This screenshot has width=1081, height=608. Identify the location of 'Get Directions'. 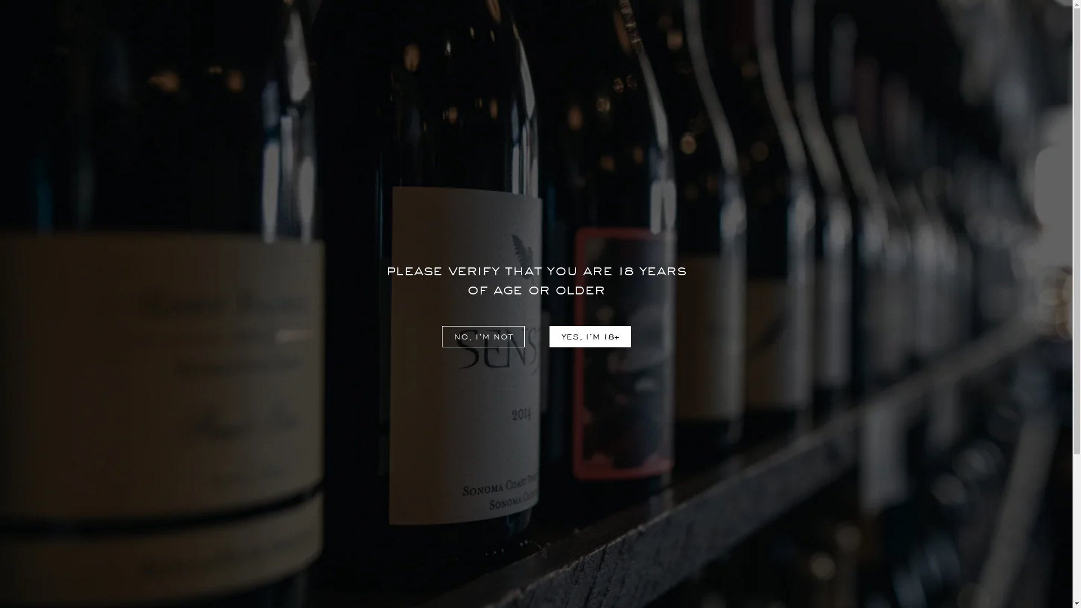
(579, 555).